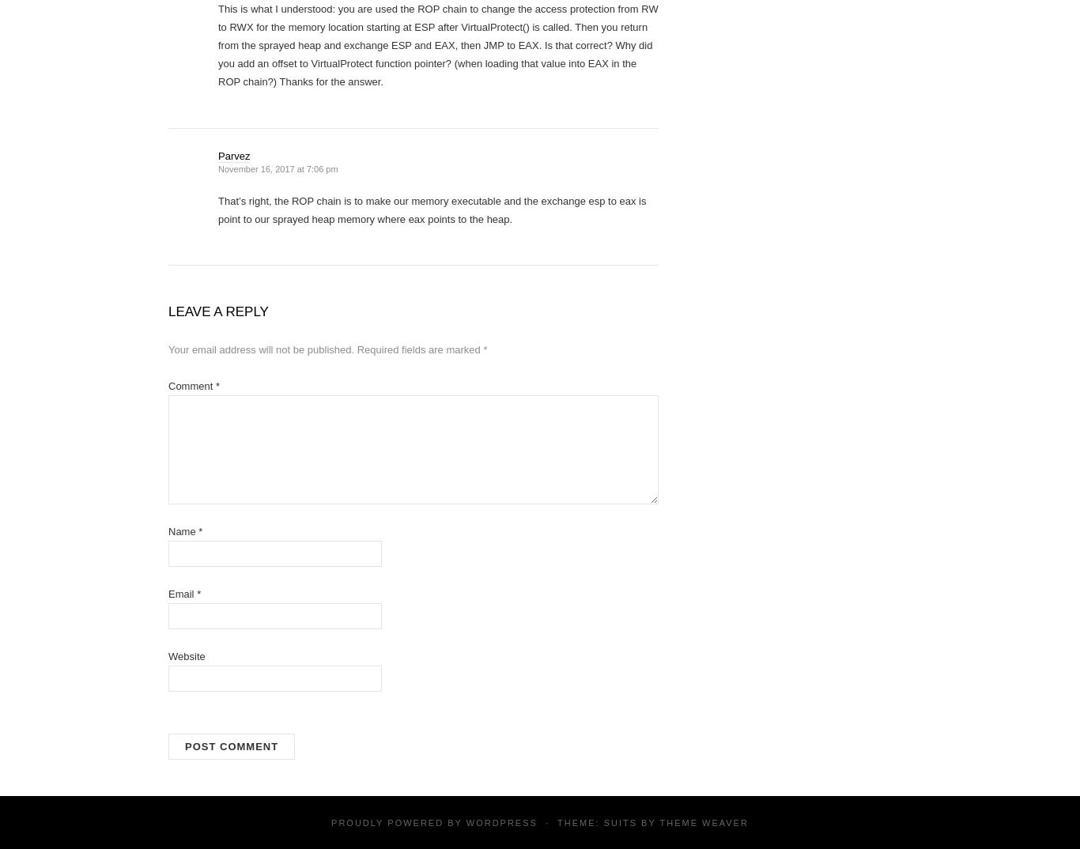  What do you see at coordinates (500, 821) in the screenshot?
I see `'WordPress'` at bounding box center [500, 821].